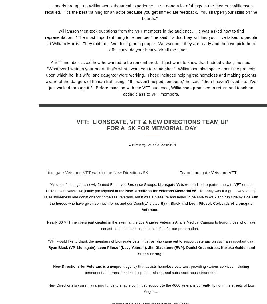 Image resolution: width=267 pixels, height=304 pixels. I want to click on 'Team Lionsgate Vets and VFT', so click(208, 172).